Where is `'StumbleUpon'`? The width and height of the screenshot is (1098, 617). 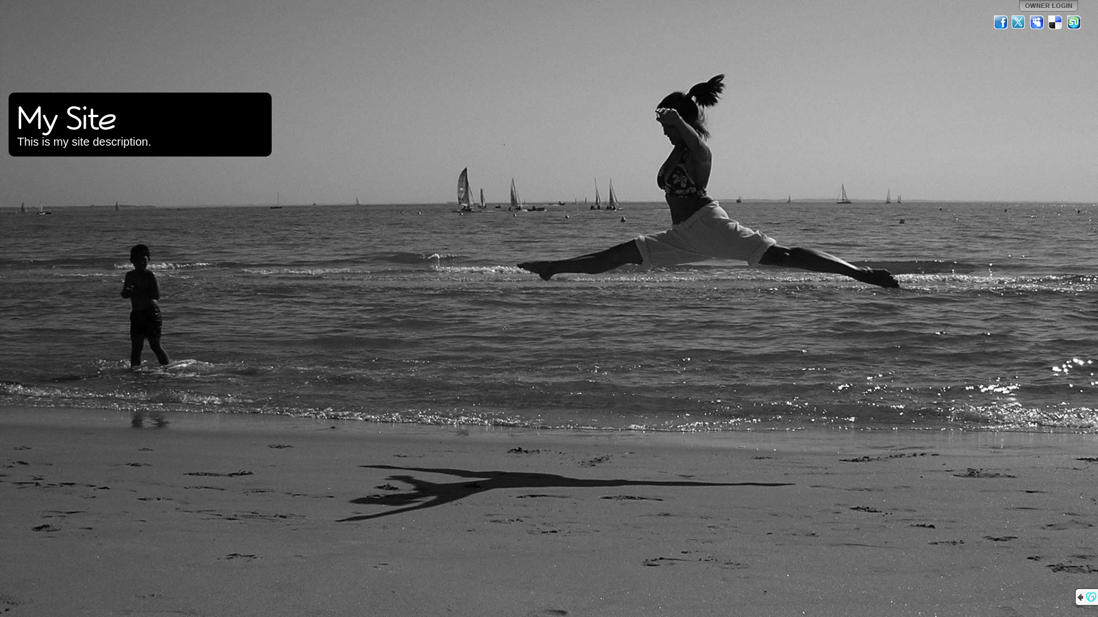
'StumbleUpon' is located at coordinates (1065, 22).